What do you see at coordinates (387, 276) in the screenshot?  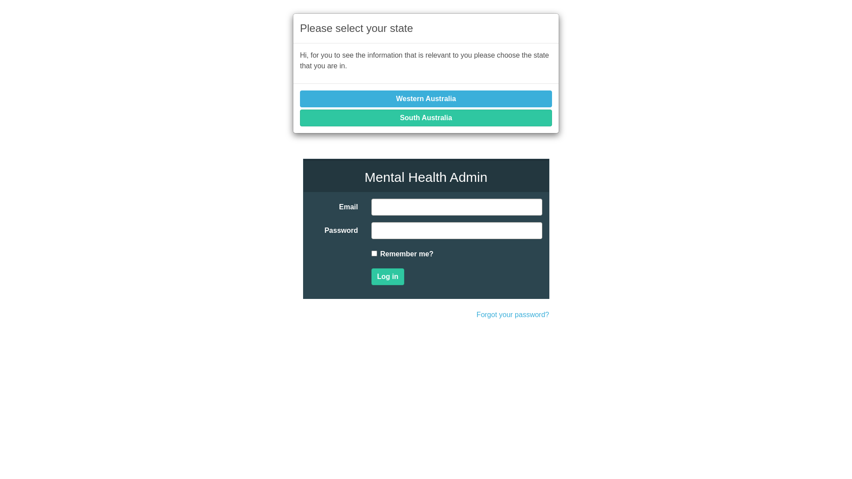 I see `'Log in'` at bounding box center [387, 276].